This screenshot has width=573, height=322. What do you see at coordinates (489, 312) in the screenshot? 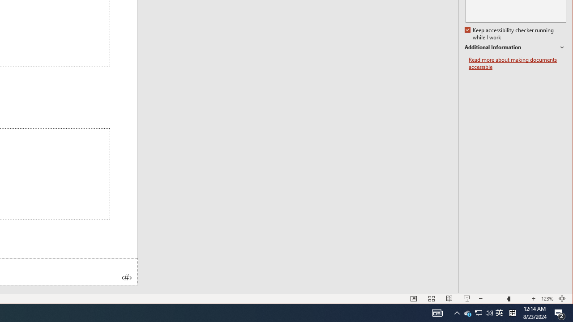
I see `'Q2790: 100%'` at bounding box center [489, 312].